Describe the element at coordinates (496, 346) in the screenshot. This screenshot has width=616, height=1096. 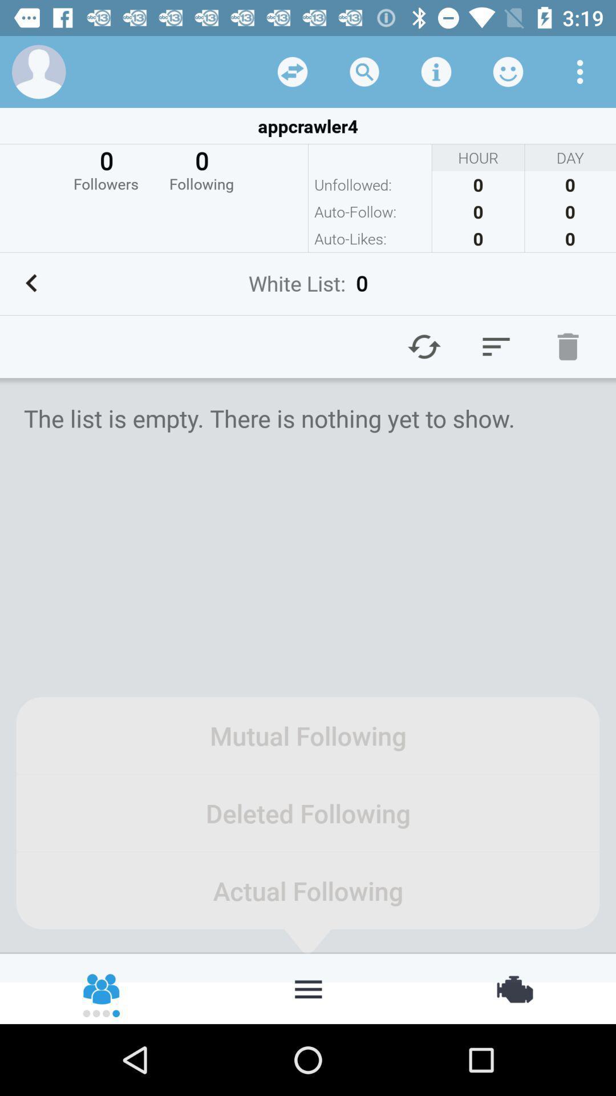
I see `menu icon` at that location.